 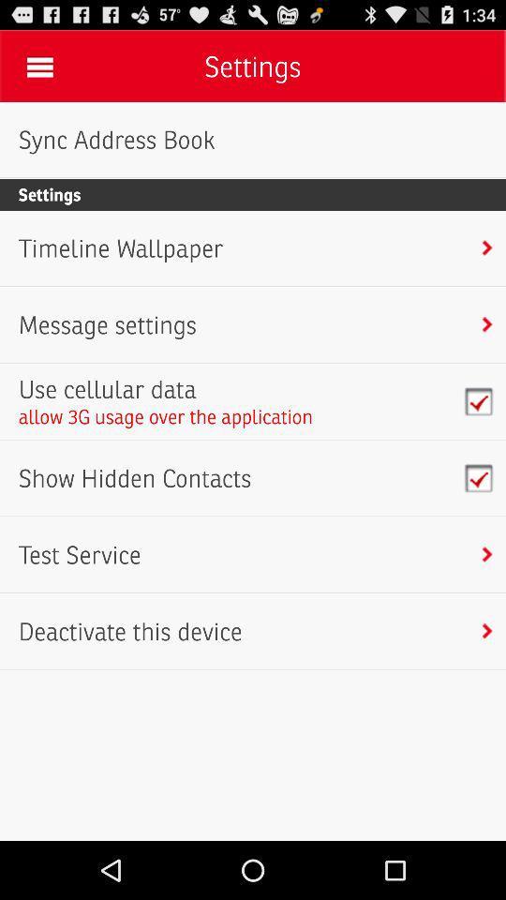 What do you see at coordinates (134, 477) in the screenshot?
I see `the show hidden contacts app` at bounding box center [134, 477].